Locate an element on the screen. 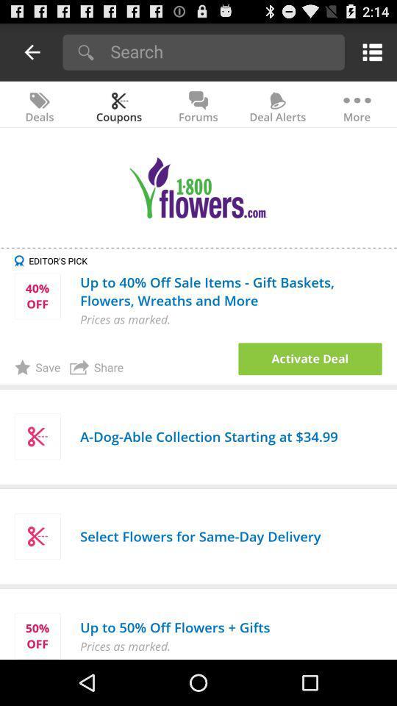  item on the right is located at coordinates (310, 358).